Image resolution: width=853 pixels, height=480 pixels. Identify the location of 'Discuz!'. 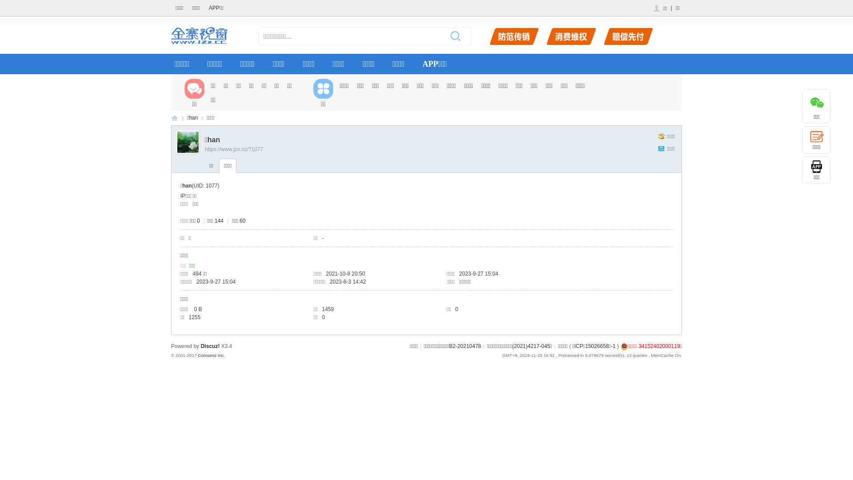
(210, 346).